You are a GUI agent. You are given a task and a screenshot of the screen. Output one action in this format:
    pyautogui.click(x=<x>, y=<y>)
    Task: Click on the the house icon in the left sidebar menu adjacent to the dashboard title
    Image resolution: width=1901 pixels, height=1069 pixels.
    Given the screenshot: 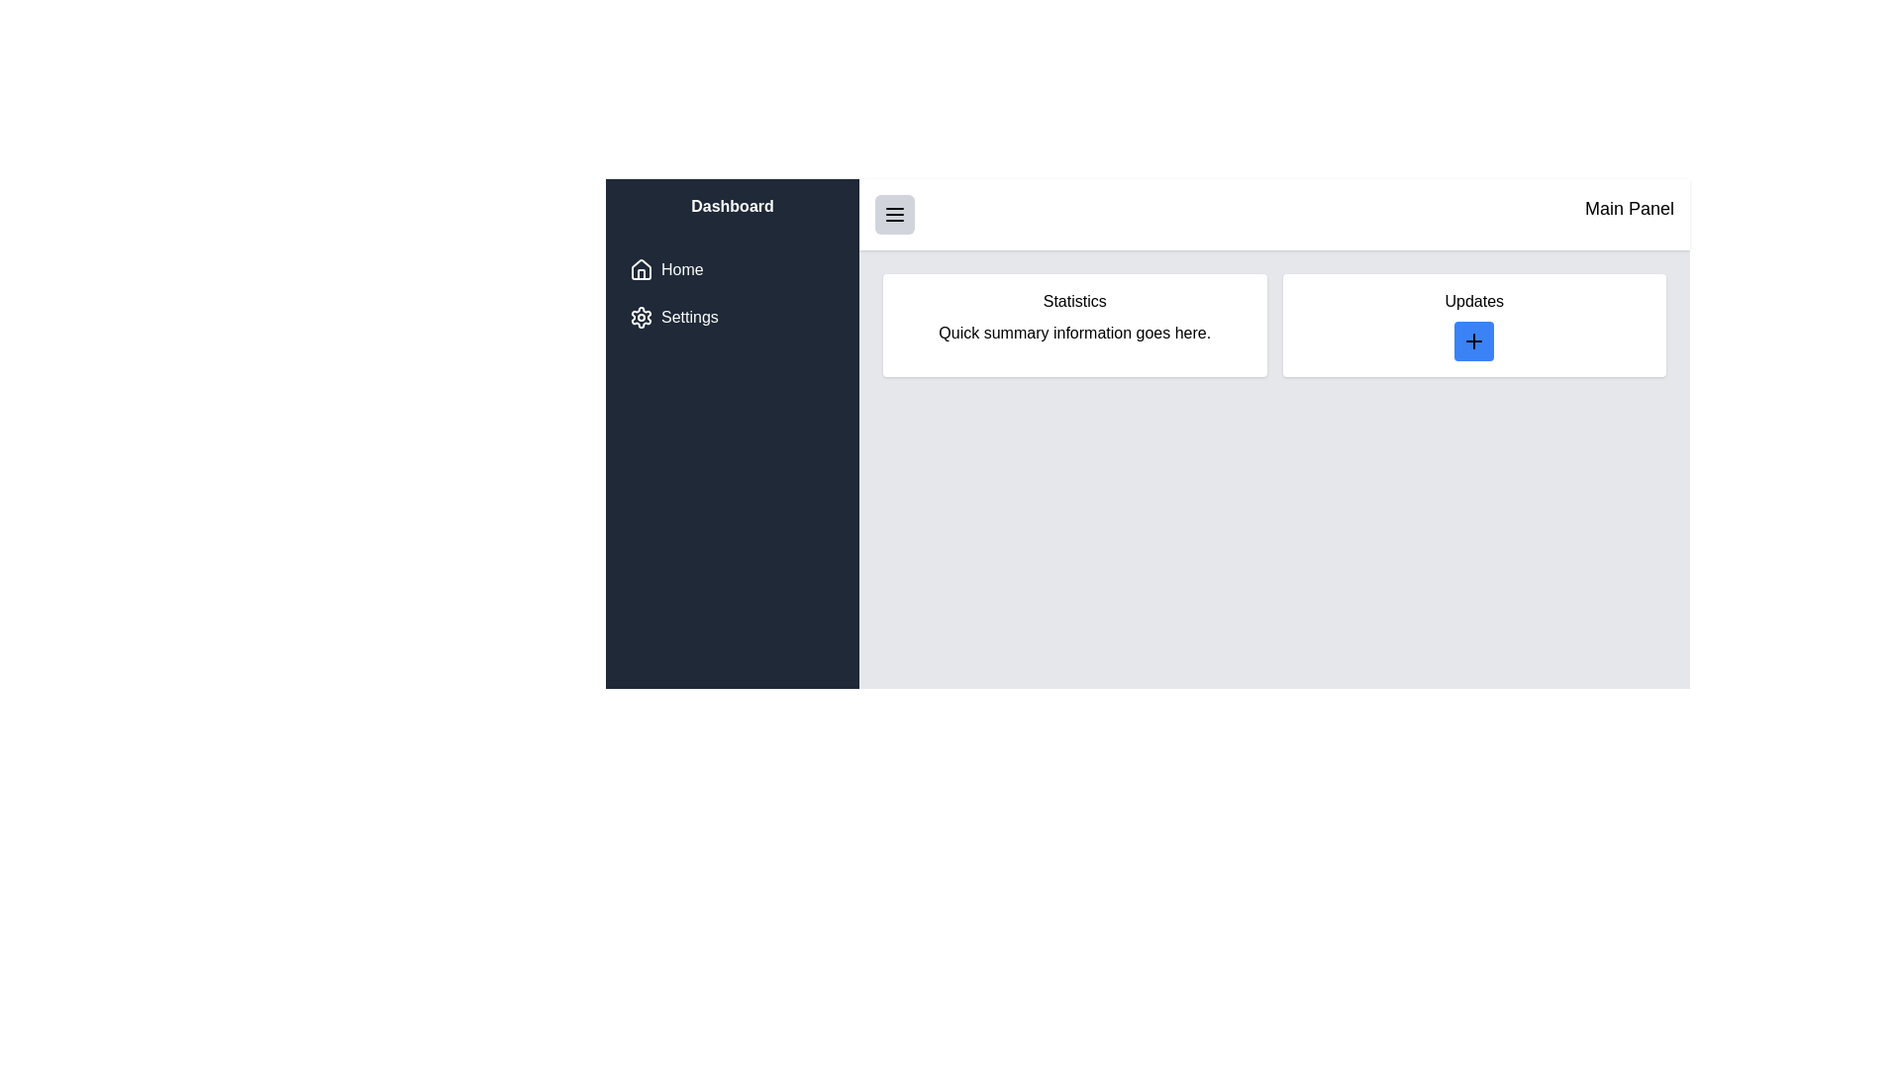 What is the action you would take?
    pyautogui.click(x=642, y=269)
    